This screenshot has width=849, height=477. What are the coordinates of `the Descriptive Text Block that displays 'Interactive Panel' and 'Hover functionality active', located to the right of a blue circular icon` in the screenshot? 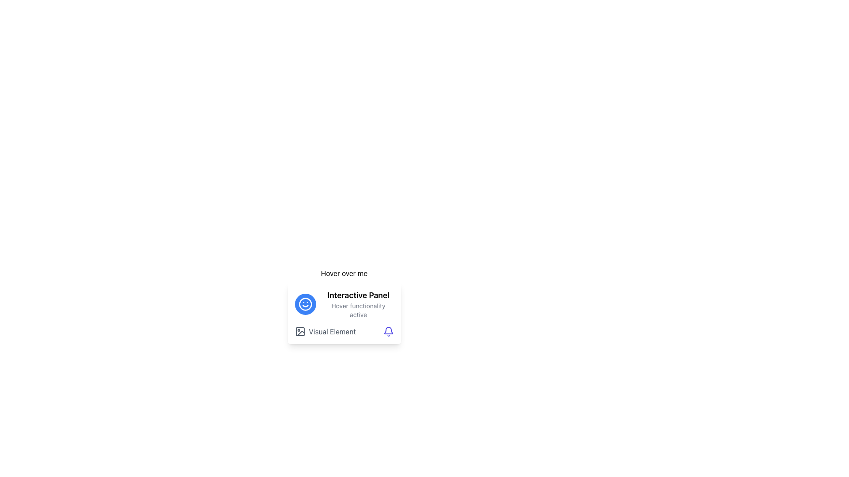 It's located at (358, 304).